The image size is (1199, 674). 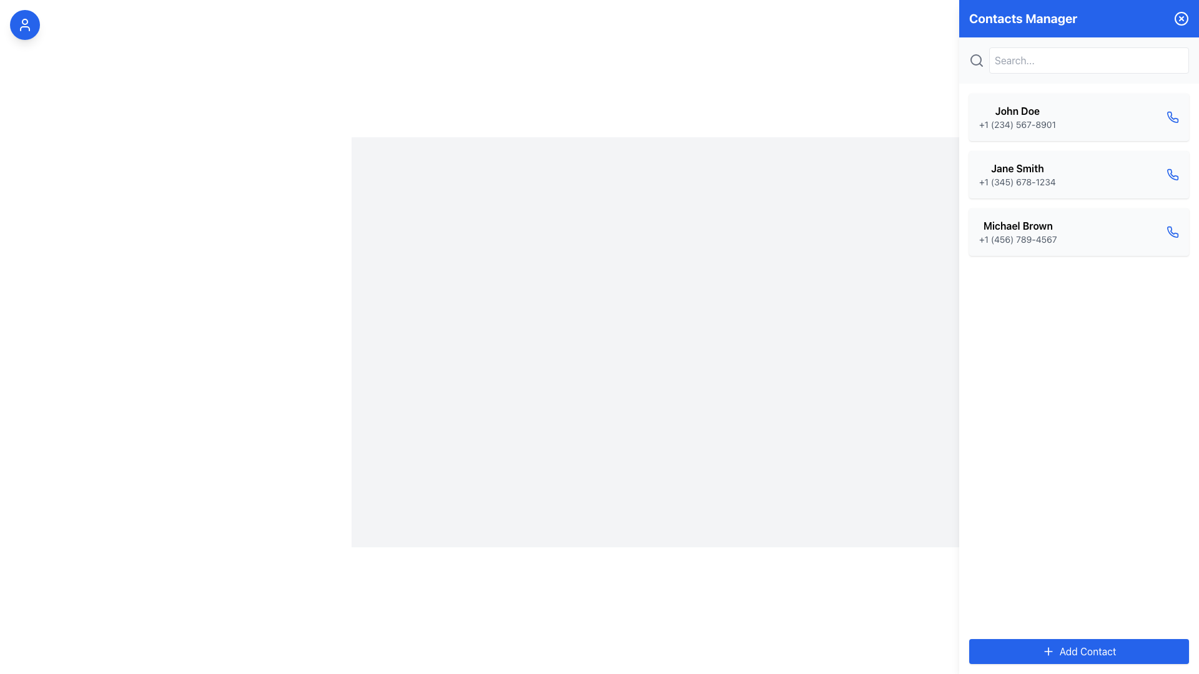 I want to click on the contact information text block containing the name 'Michael Brown' and phone number '+1 (456) 789-4567', which is the third entry in the contact list on the right sidebar, so click(x=1018, y=232).